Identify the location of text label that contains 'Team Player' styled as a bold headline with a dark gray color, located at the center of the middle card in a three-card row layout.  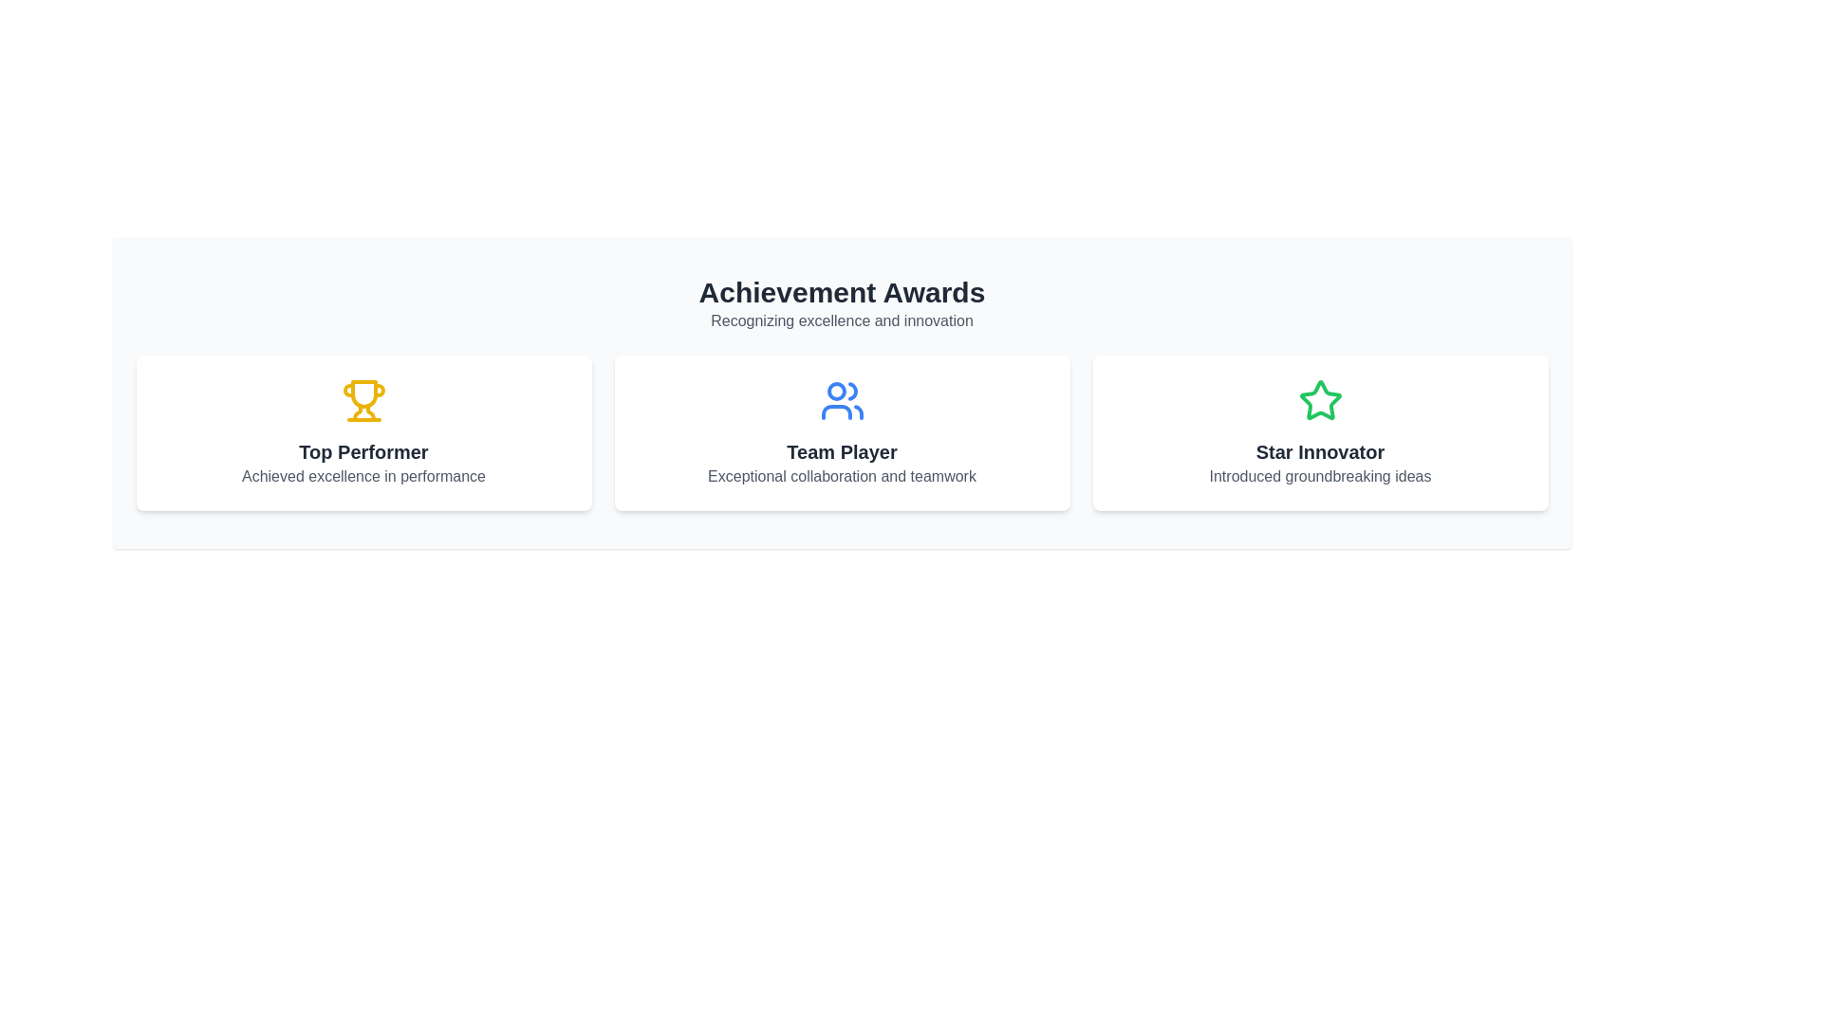
(841, 452).